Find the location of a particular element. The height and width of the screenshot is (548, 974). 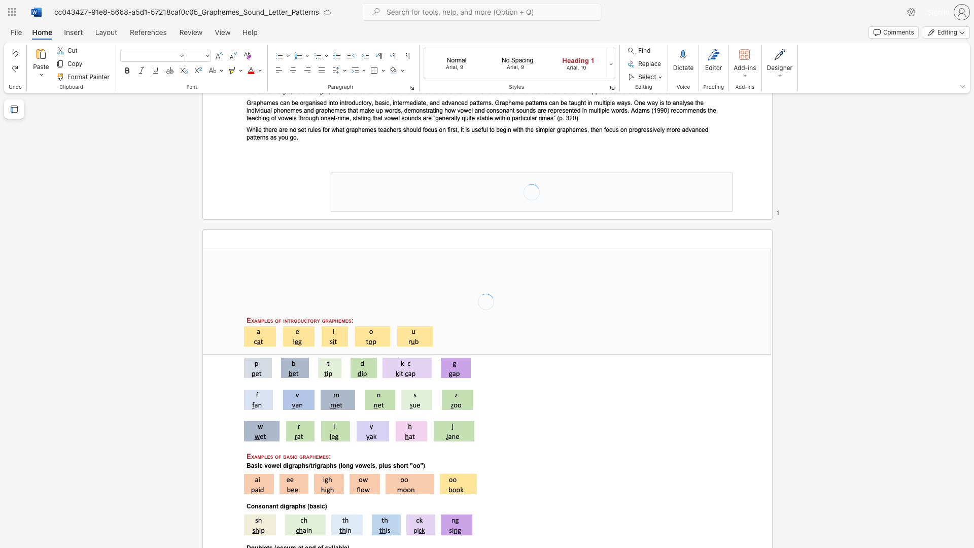

the space between the continuous character """ and "o" in the text is located at coordinates (413, 466).